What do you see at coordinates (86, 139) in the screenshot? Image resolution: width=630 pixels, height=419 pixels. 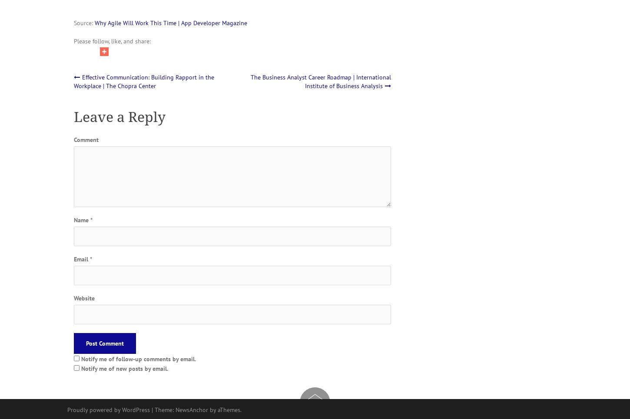 I see `'Comment'` at bounding box center [86, 139].